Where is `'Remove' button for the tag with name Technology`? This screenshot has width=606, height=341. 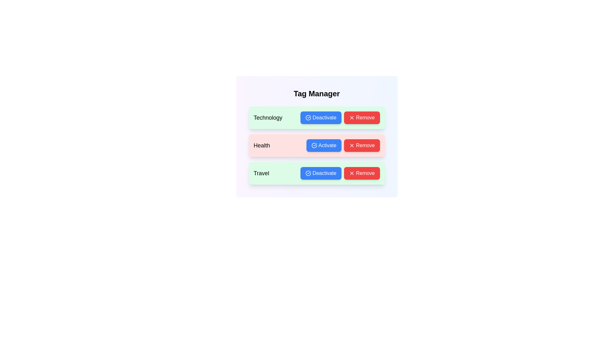 'Remove' button for the tag with name Technology is located at coordinates (362, 118).